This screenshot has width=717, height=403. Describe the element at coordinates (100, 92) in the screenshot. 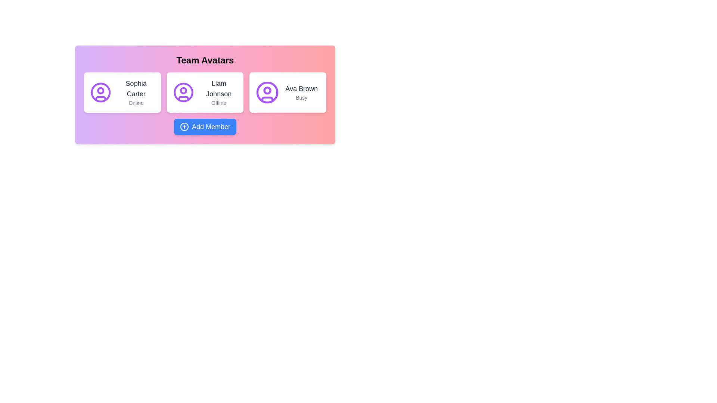

I see `the SVG graphical element representing the user's profile picture for 'Sophia Carter', located within the first card on the left among the team avatars` at that location.